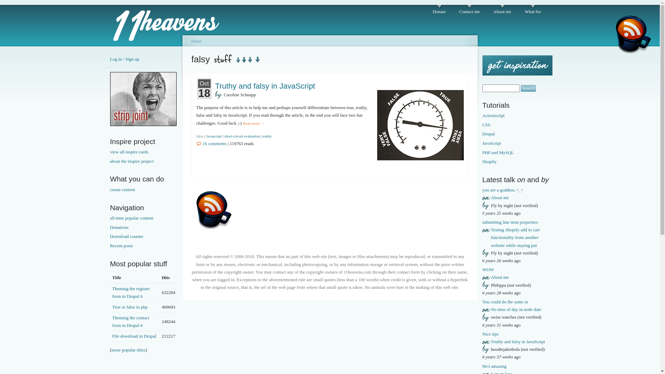 Image resolution: width=665 pixels, height=374 pixels. I want to click on 'JavaScript', so click(482, 143).